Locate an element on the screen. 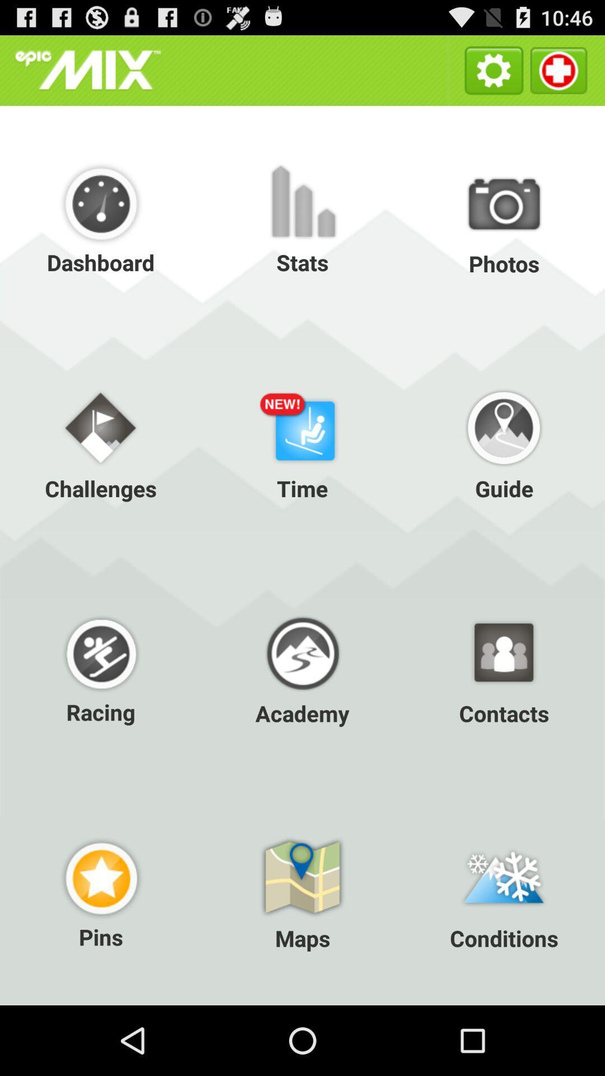  the button next to the dashboard is located at coordinates (302, 218).